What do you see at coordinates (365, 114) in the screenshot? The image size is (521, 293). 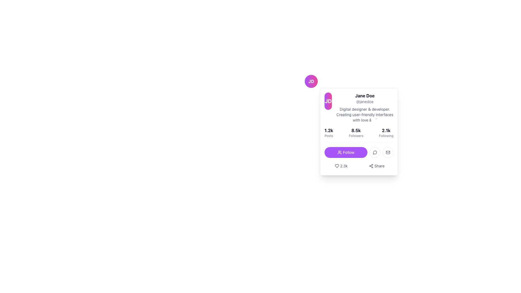 I see `descriptive text block that reads: 'Digital designer & developer. Creating user-friendly interfaces with love ✨', which is located below the username '@janedoe'` at bounding box center [365, 114].